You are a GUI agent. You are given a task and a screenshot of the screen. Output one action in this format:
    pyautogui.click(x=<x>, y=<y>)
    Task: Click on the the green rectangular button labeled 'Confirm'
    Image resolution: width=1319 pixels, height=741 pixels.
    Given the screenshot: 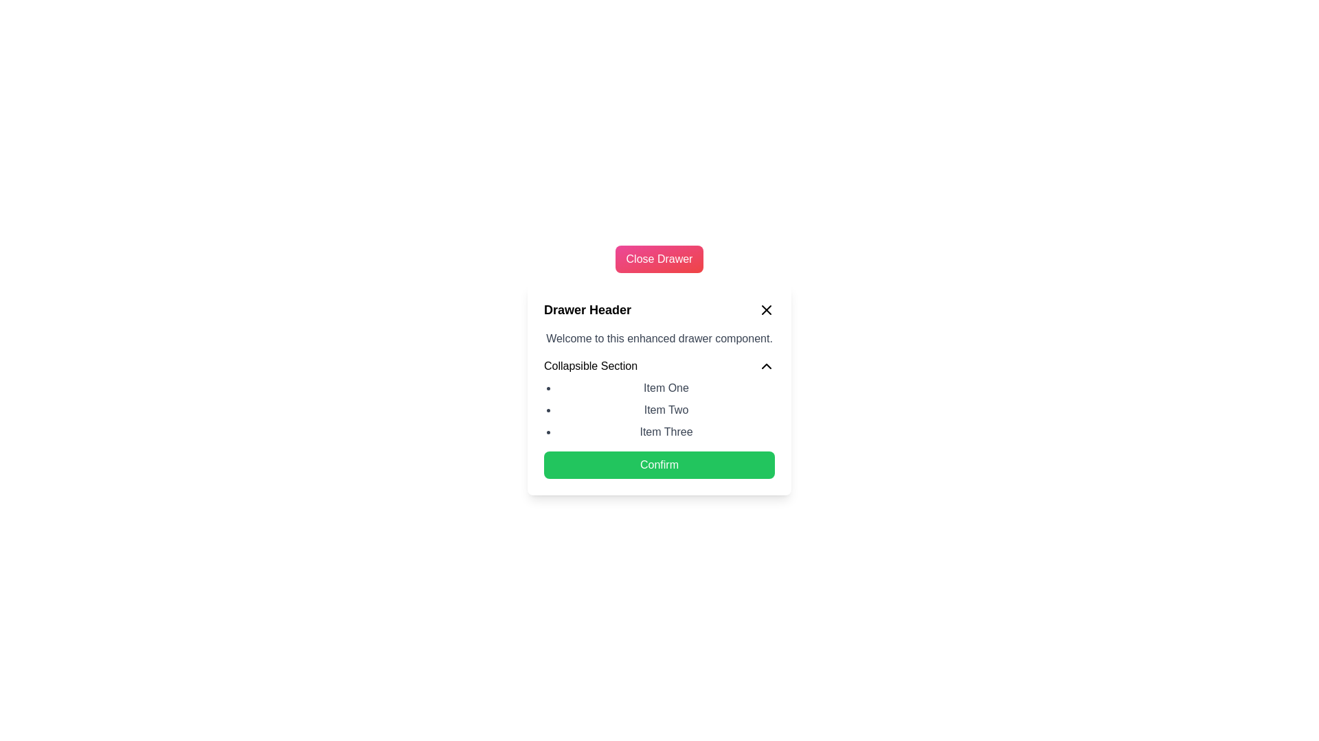 What is the action you would take?
    pyautogui.click(x=659, y=464)
    